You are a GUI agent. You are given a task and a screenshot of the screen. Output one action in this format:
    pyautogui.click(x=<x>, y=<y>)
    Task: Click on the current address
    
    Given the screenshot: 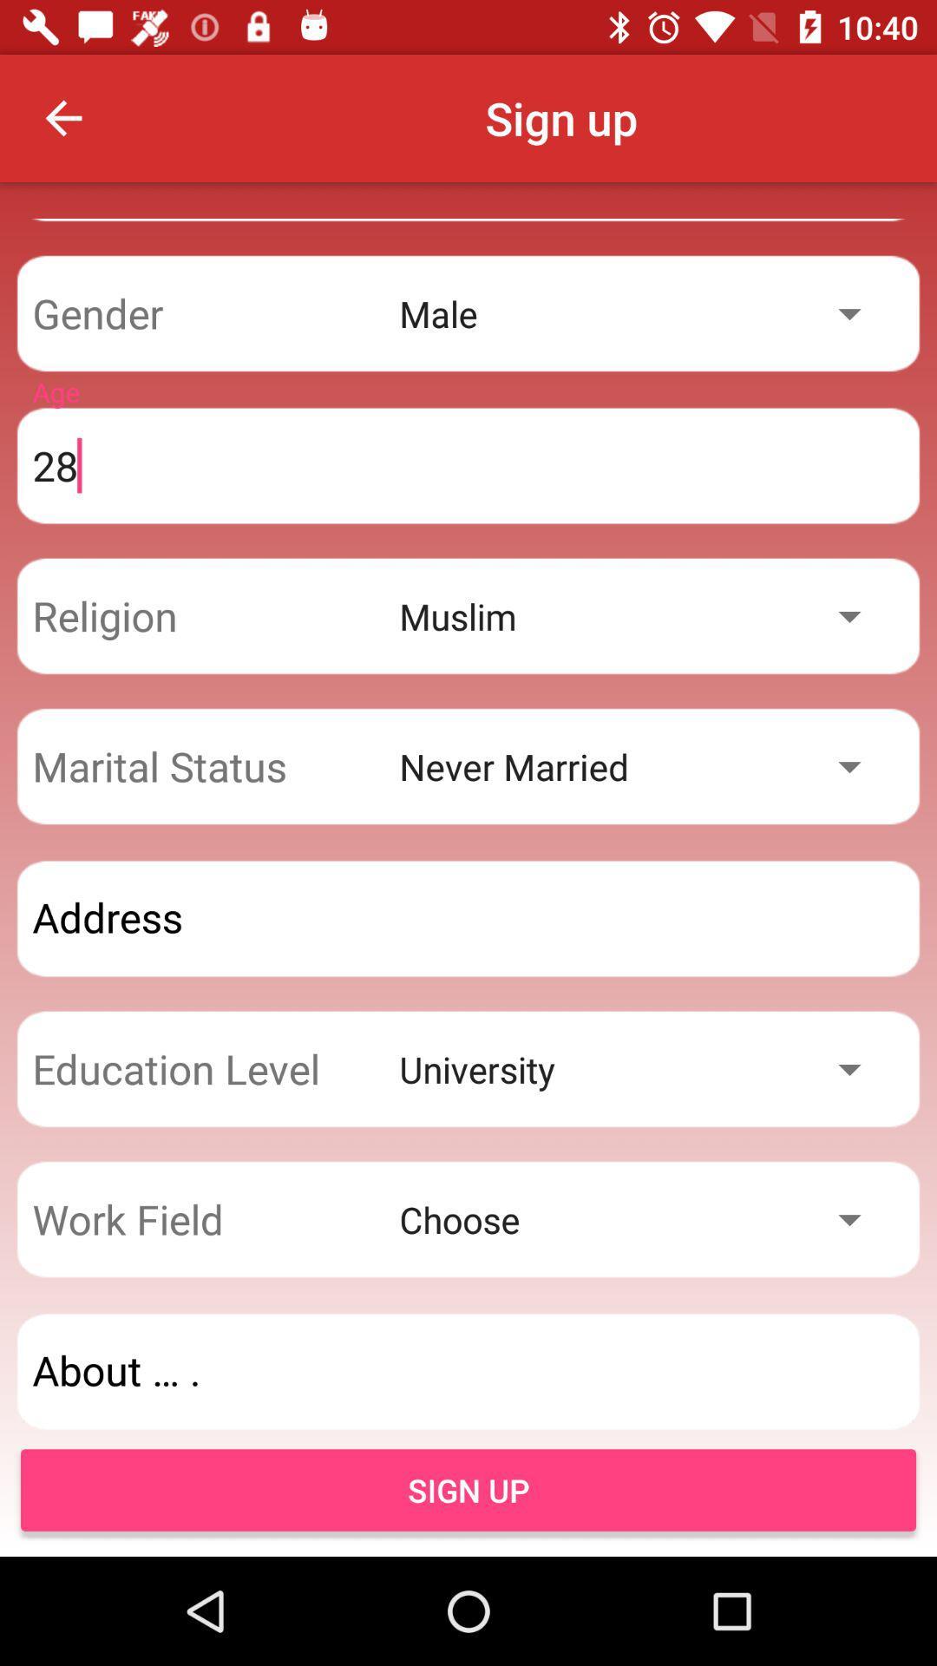 What is the action you would take?
    pyautogui.click(x=468, y=918)
    